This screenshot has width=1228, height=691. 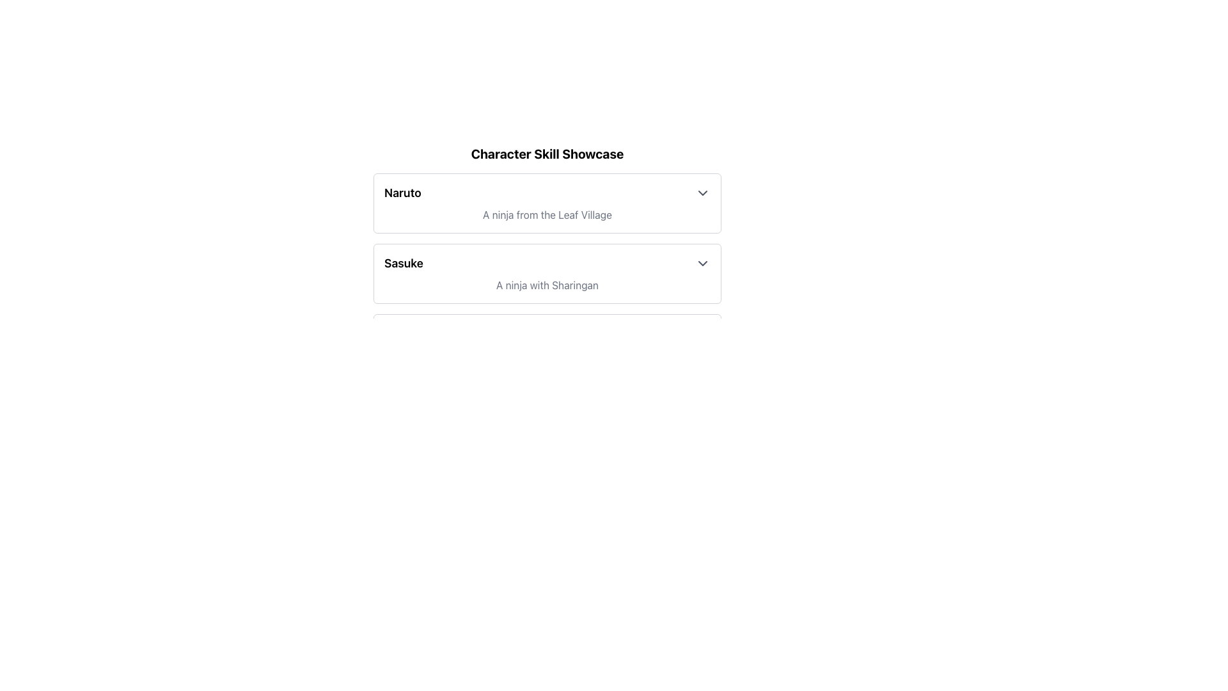 I want to click on the descriptive item titled 'Sasuke' with the subtitle 'A ninja with Sharingan', so click(x=547, y=273).